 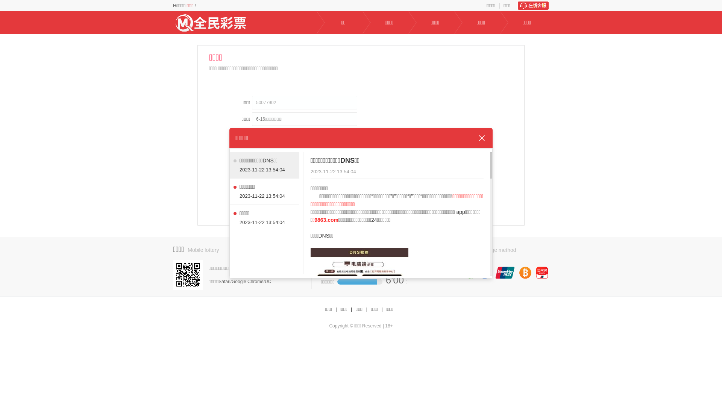 What do you see at coordinates (382, 309) in the screenshot?
I see `'|'` at bounding box center [382, 309].